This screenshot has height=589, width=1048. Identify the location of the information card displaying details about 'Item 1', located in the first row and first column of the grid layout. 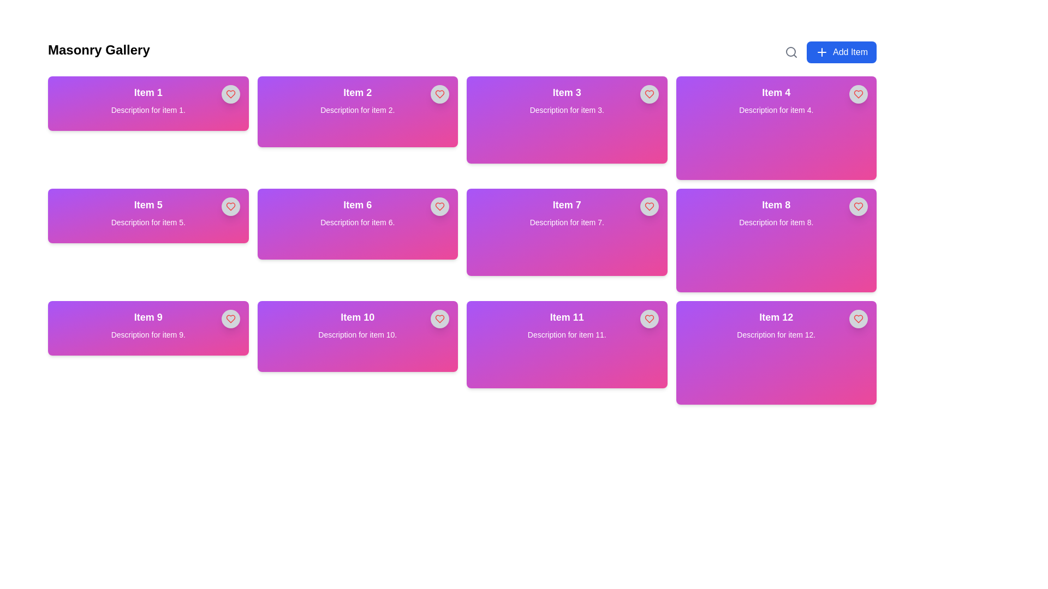
(147, 103).